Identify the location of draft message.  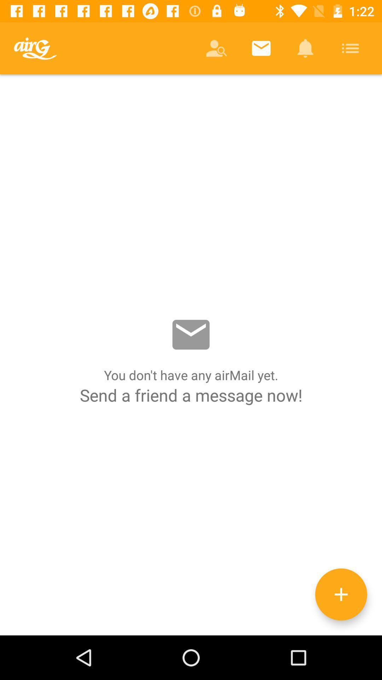
(341, 594).